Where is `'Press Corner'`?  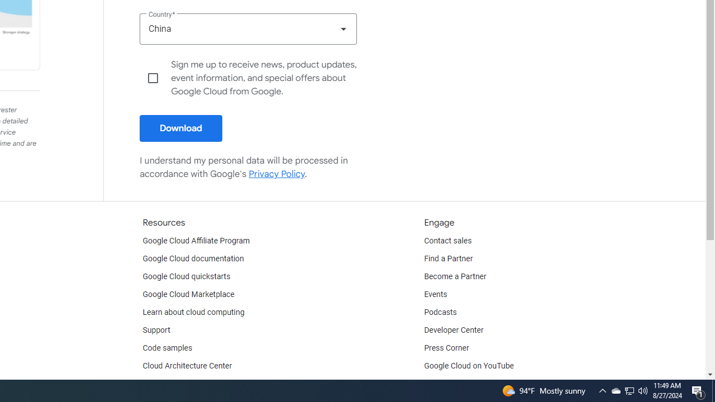 'Press Corner' is located at coordinates (446, 347).